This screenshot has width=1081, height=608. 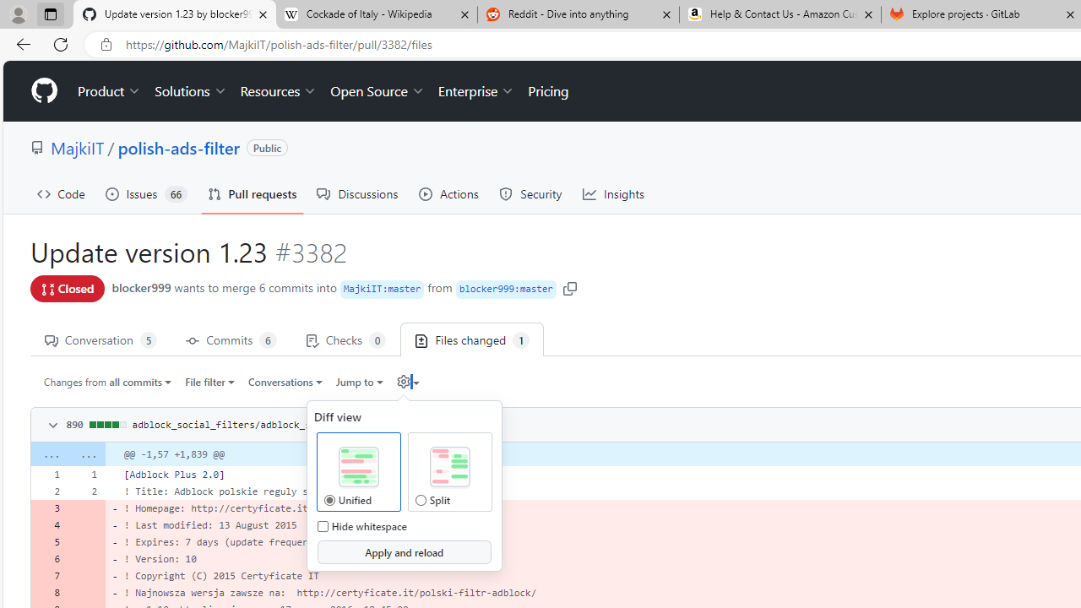 What do you see at coordinates (448, 193) in the screenshot?
I see `'Actions'` at bounding box center [448, 193].